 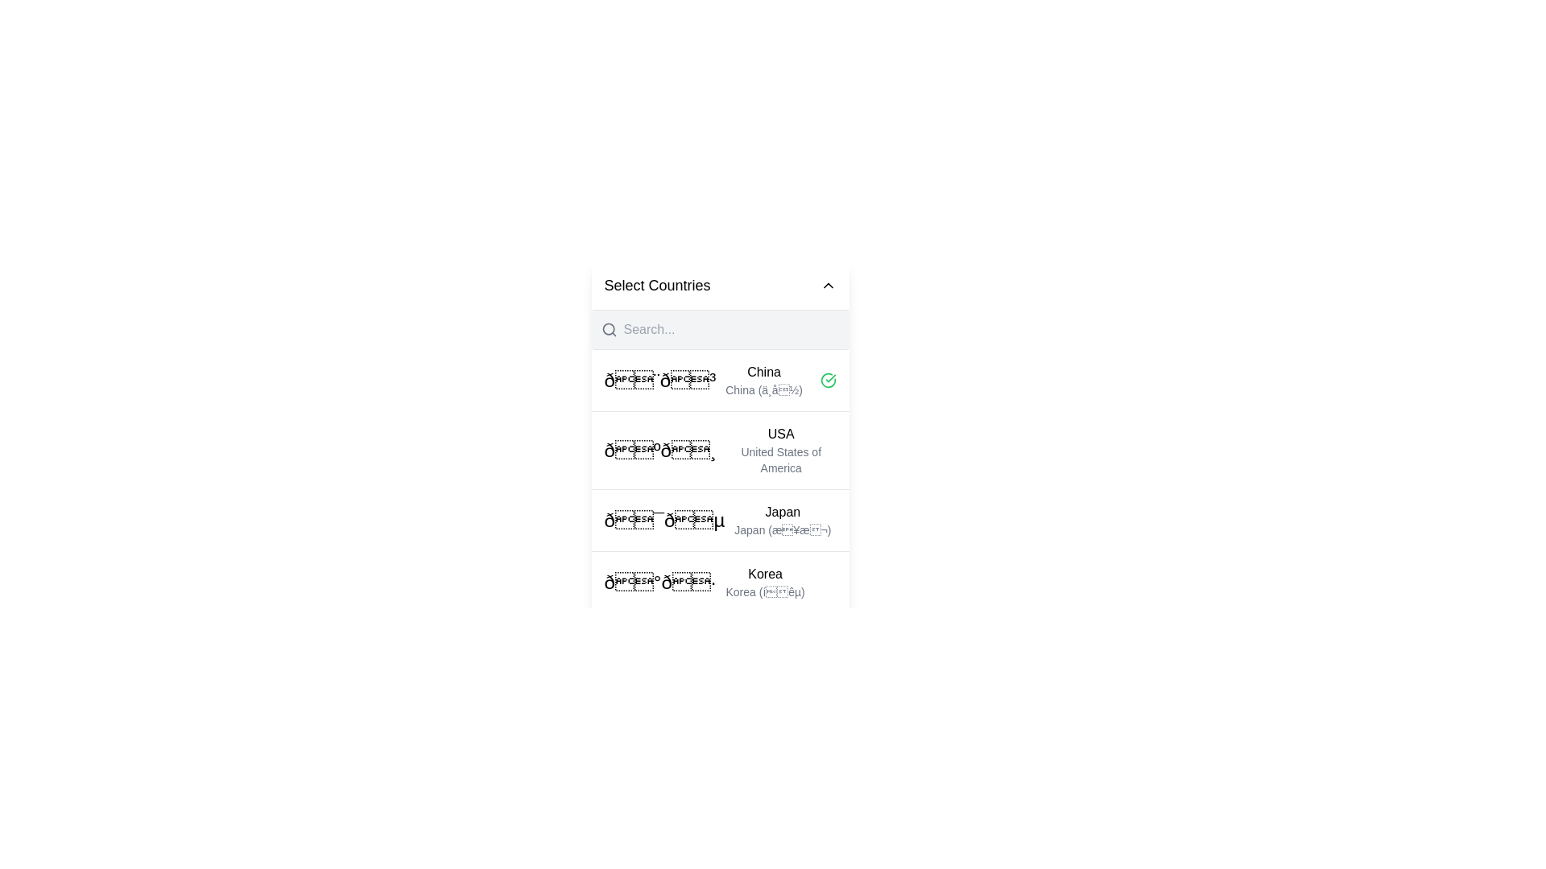 I want to click on the text-based list item displaying 'Korea', so click(x=764, y=583).